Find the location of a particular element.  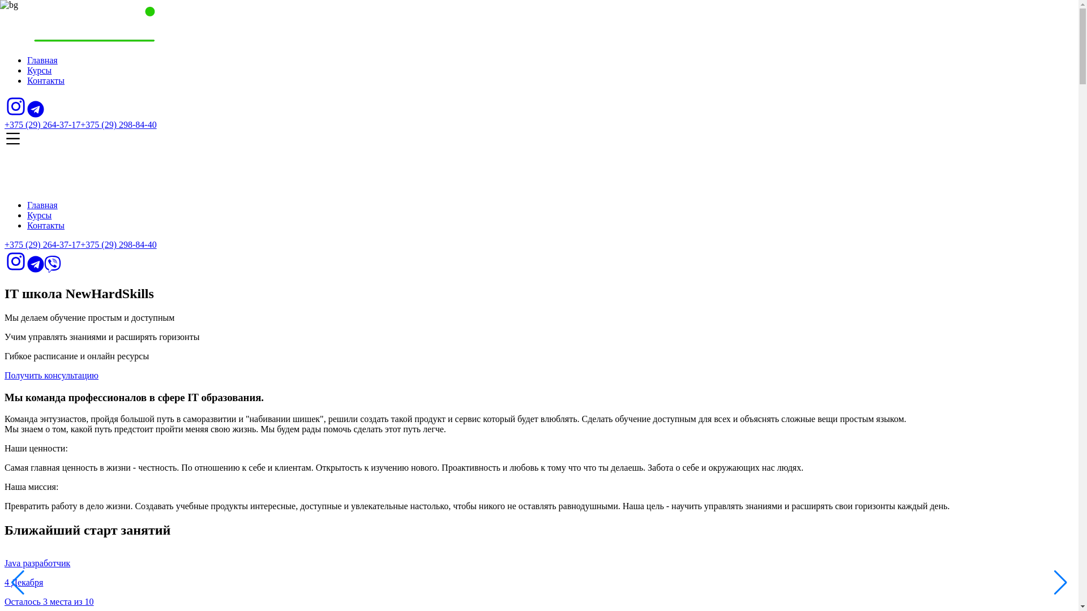

'+375 (29) 298-84-40' is located at coordinates (118, 124).